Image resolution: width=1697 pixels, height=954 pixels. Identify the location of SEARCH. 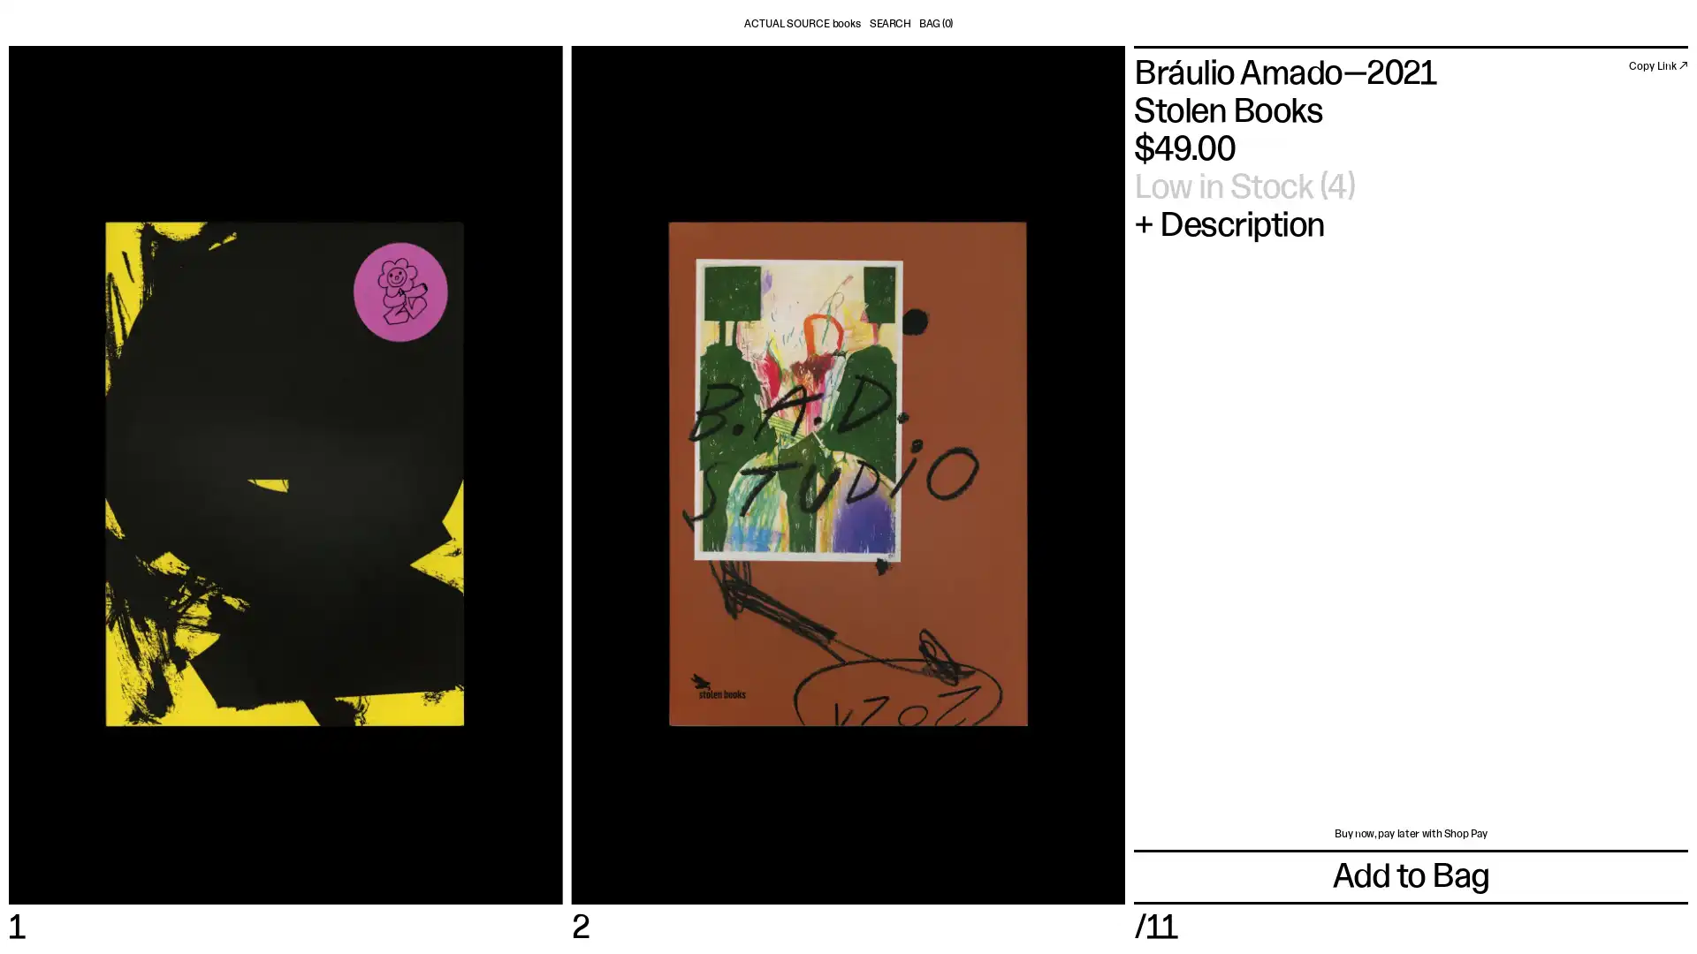
(889, 24).